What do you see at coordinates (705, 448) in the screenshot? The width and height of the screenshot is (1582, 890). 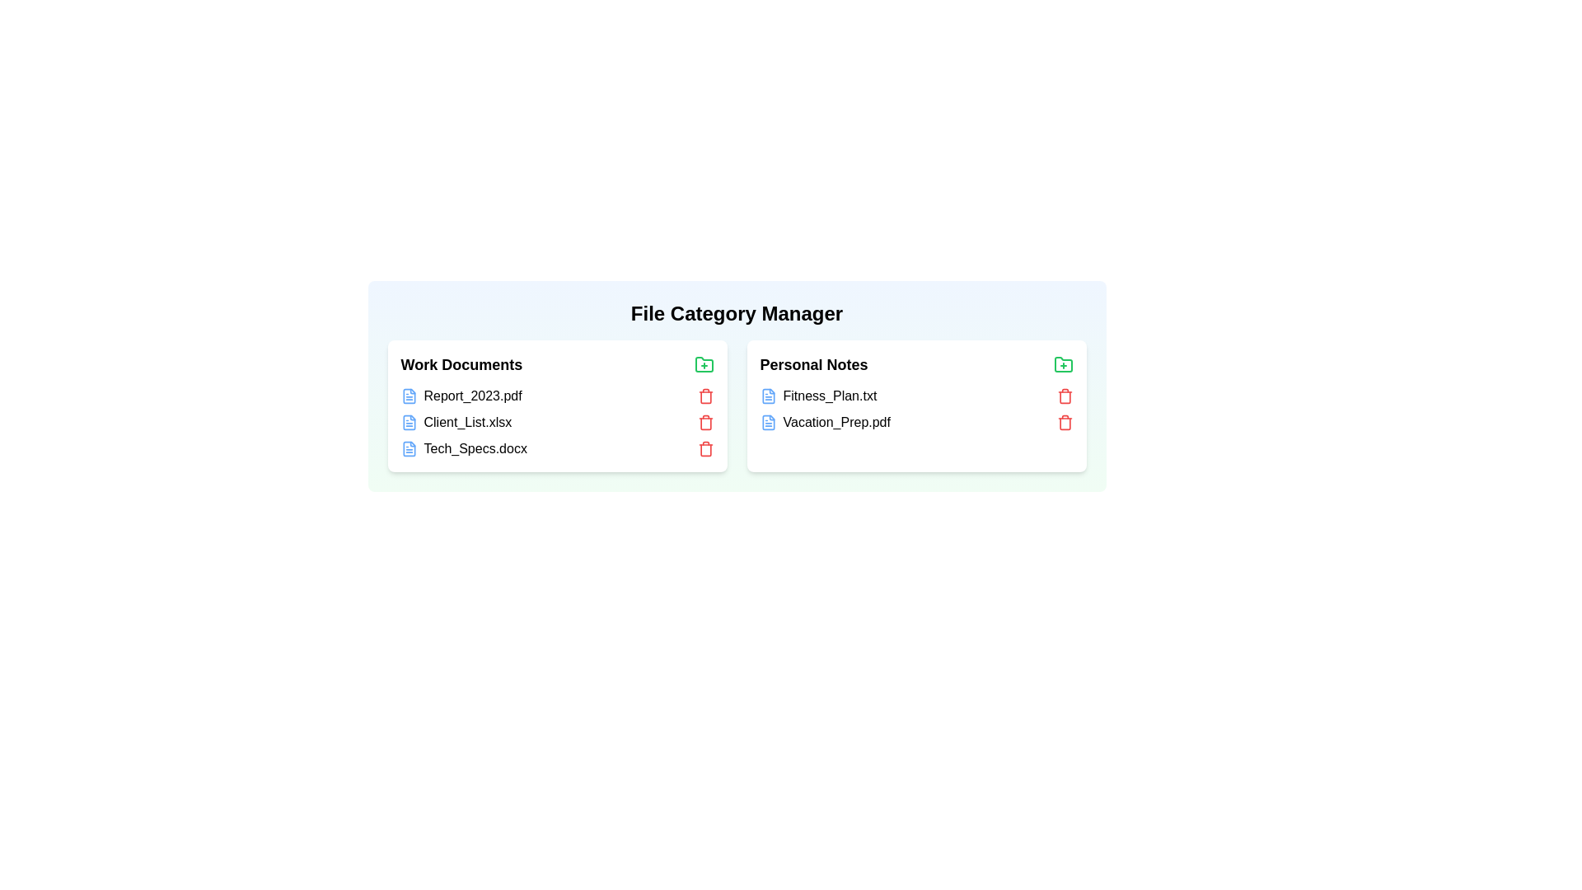 I see `trash icon next to the file Tech_Specs.docx in the category Work Documents` at bounding box center [705, 448].